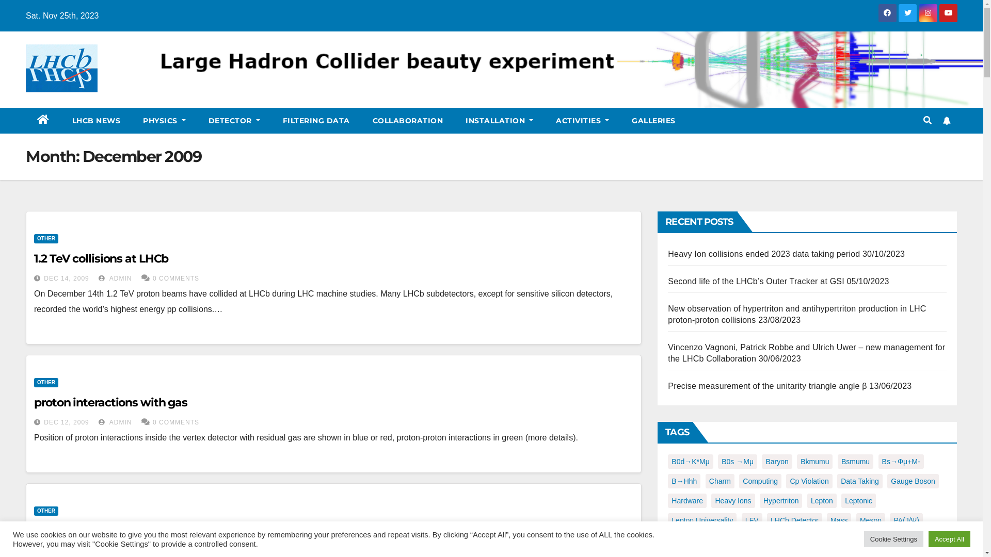 Image resolution: width=991 pixels, height=557 pixels. What do you see at coordinates (97, 120) in the screenshot?
I see `'LHCB NEWS'` at bounding box center [97, 120].